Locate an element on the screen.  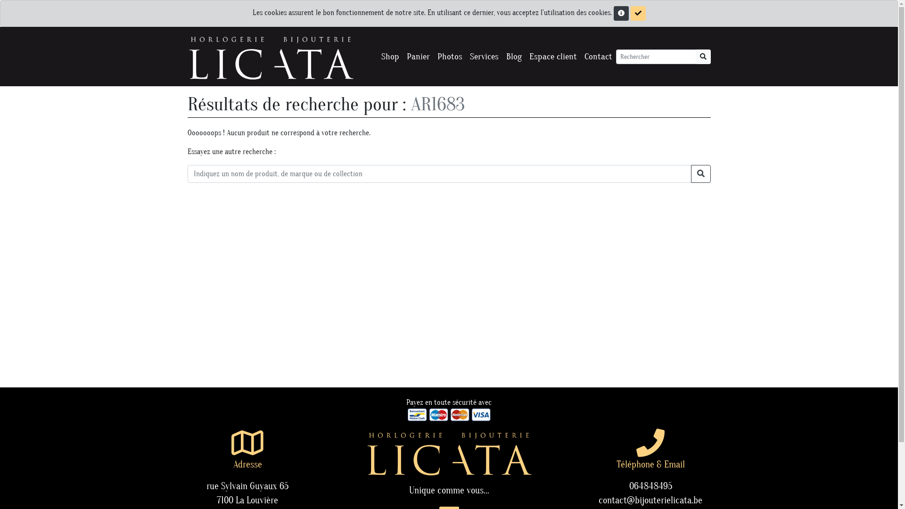
'Contact' is located at coordinates (598, 57).